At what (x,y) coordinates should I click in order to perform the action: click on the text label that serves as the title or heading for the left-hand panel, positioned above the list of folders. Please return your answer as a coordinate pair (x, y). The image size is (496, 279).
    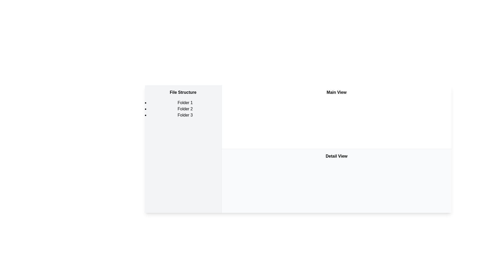
    Looking at the image, I should click on (183, 92).